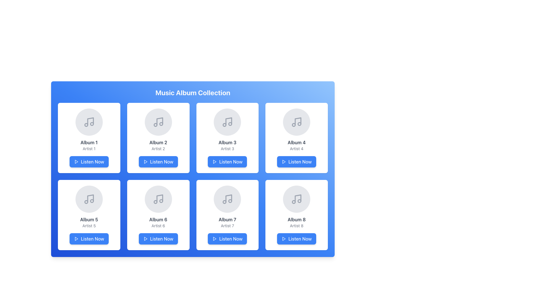 The width and height of the screenshot is (545, 306). Describe the element at coordinates (284, 161) in the screenshot. I see `the triangular play icon within the 'Listen Now' button for 'Album 4'` at that location.